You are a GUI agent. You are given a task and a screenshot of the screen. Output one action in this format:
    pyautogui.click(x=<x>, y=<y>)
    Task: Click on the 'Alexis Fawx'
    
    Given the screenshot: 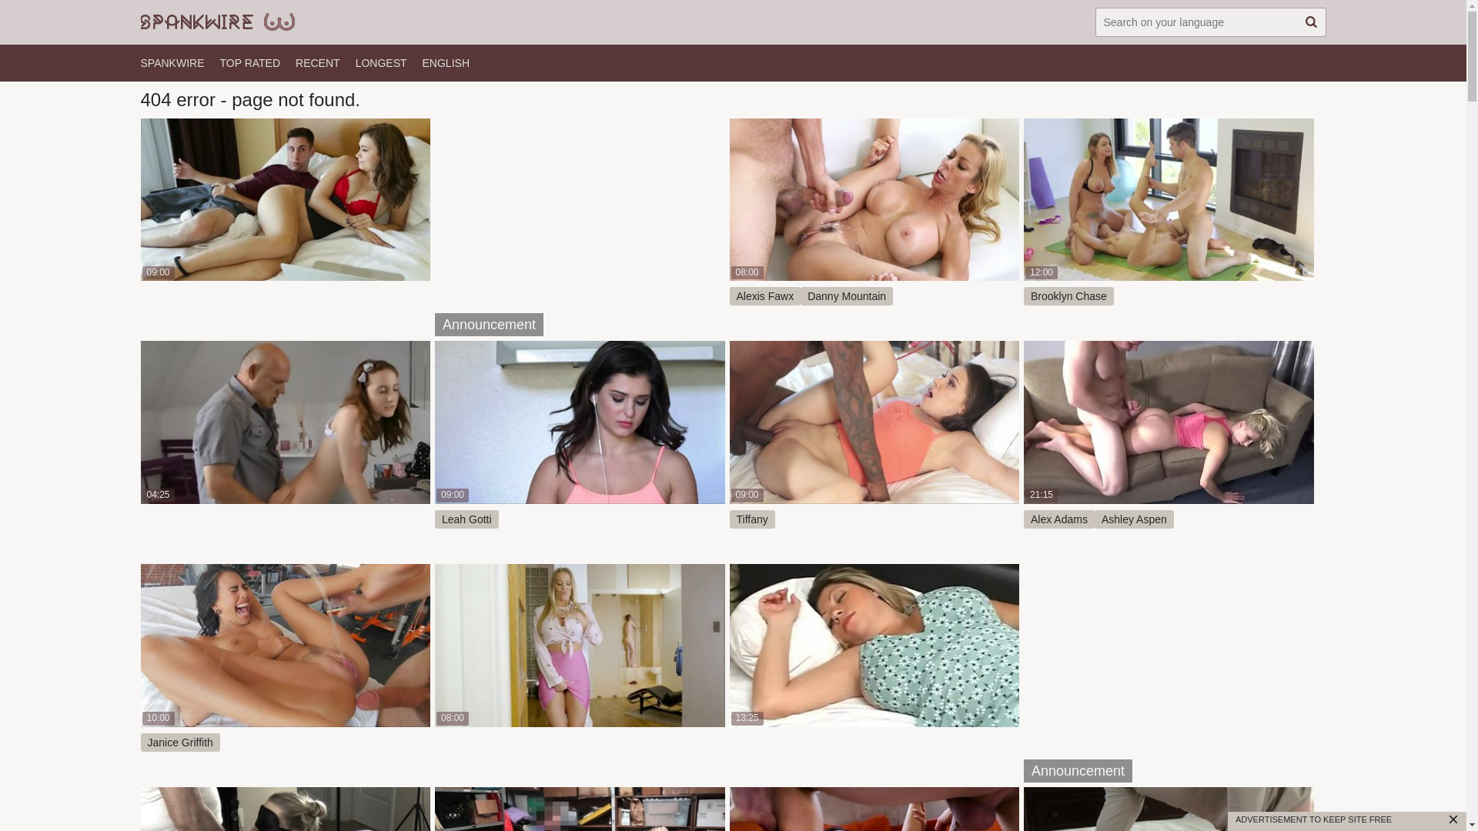 What is the action you would take?
    pyautogui.click(x=765, y=296)
    